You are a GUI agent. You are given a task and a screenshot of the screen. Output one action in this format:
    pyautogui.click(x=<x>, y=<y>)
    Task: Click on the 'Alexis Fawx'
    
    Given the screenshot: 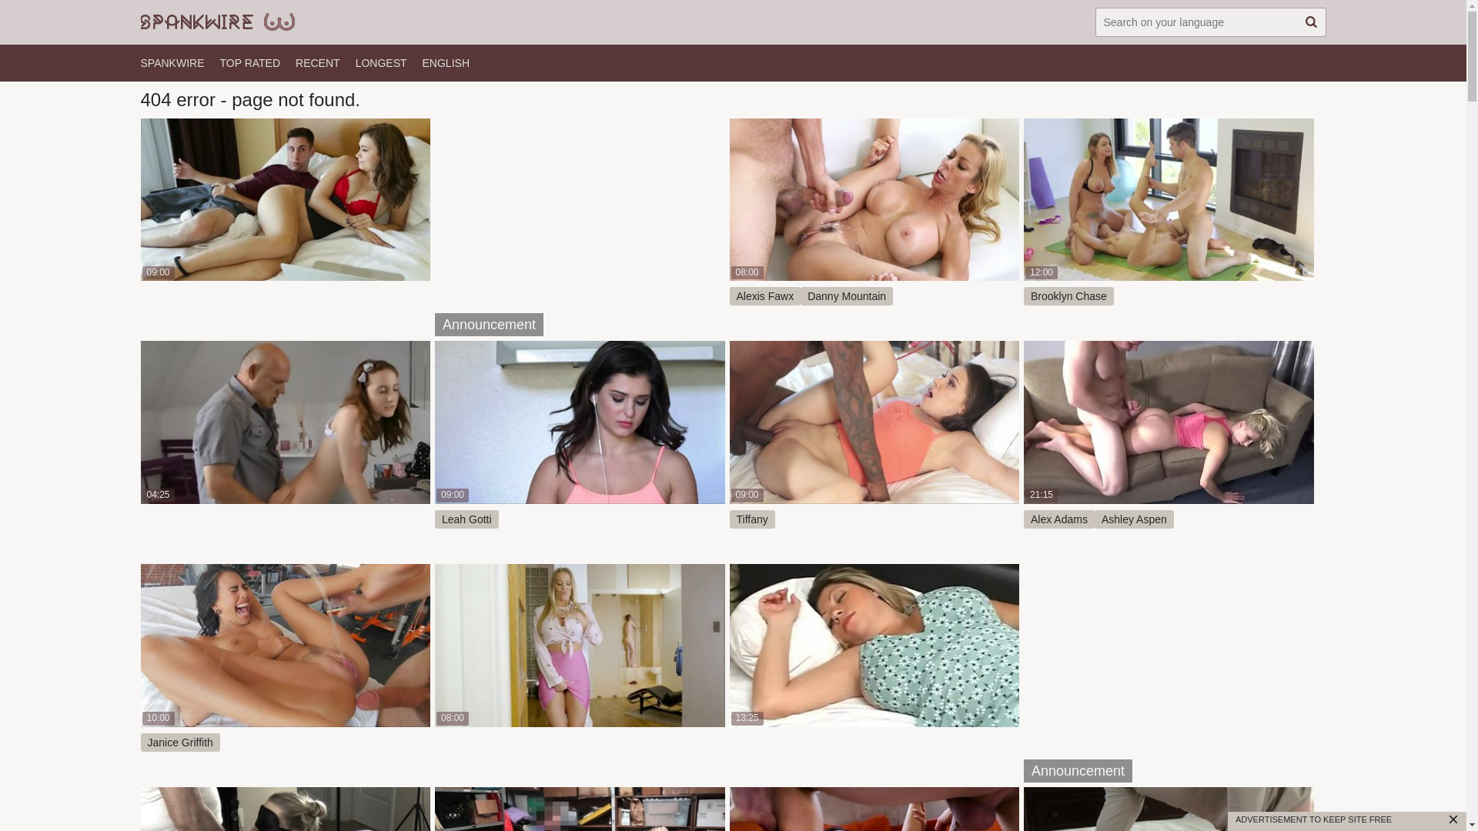 What is the action you would take?
    pyautogui.click(x=765, y=296)
    